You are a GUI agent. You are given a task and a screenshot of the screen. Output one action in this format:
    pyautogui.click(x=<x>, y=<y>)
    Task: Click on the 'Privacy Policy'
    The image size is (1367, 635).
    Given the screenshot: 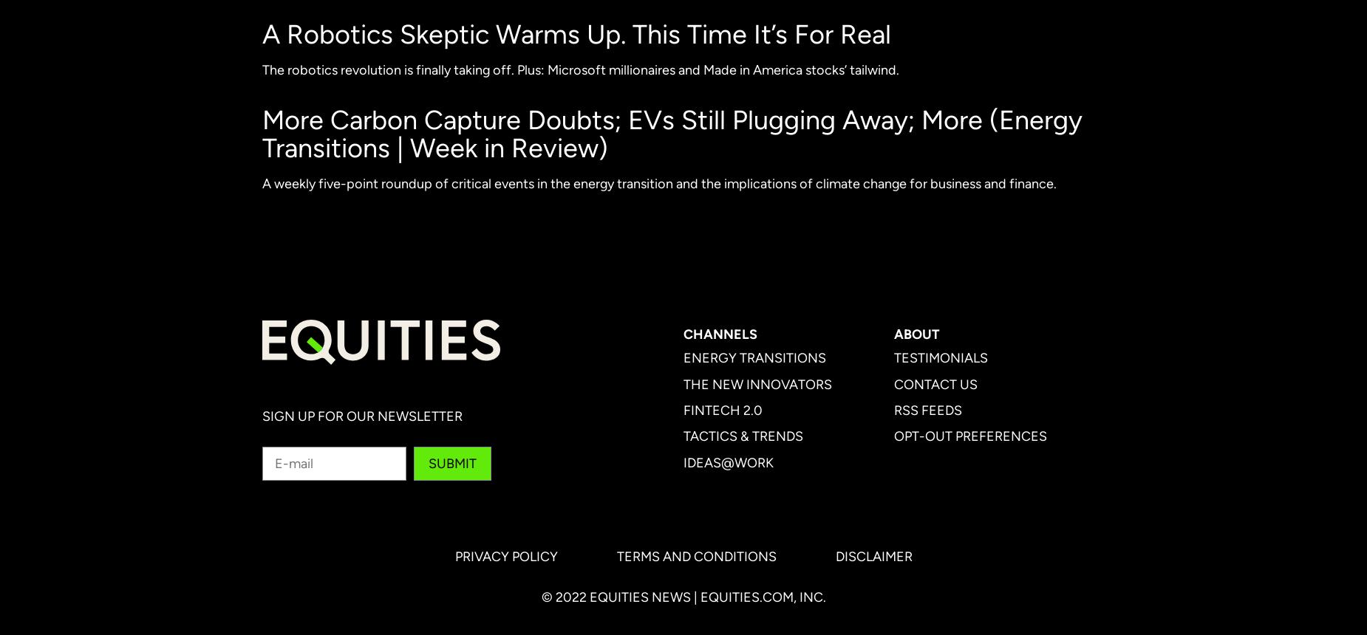 What is the action you would take?
    pyautogui.click(x=505, y=556)
    